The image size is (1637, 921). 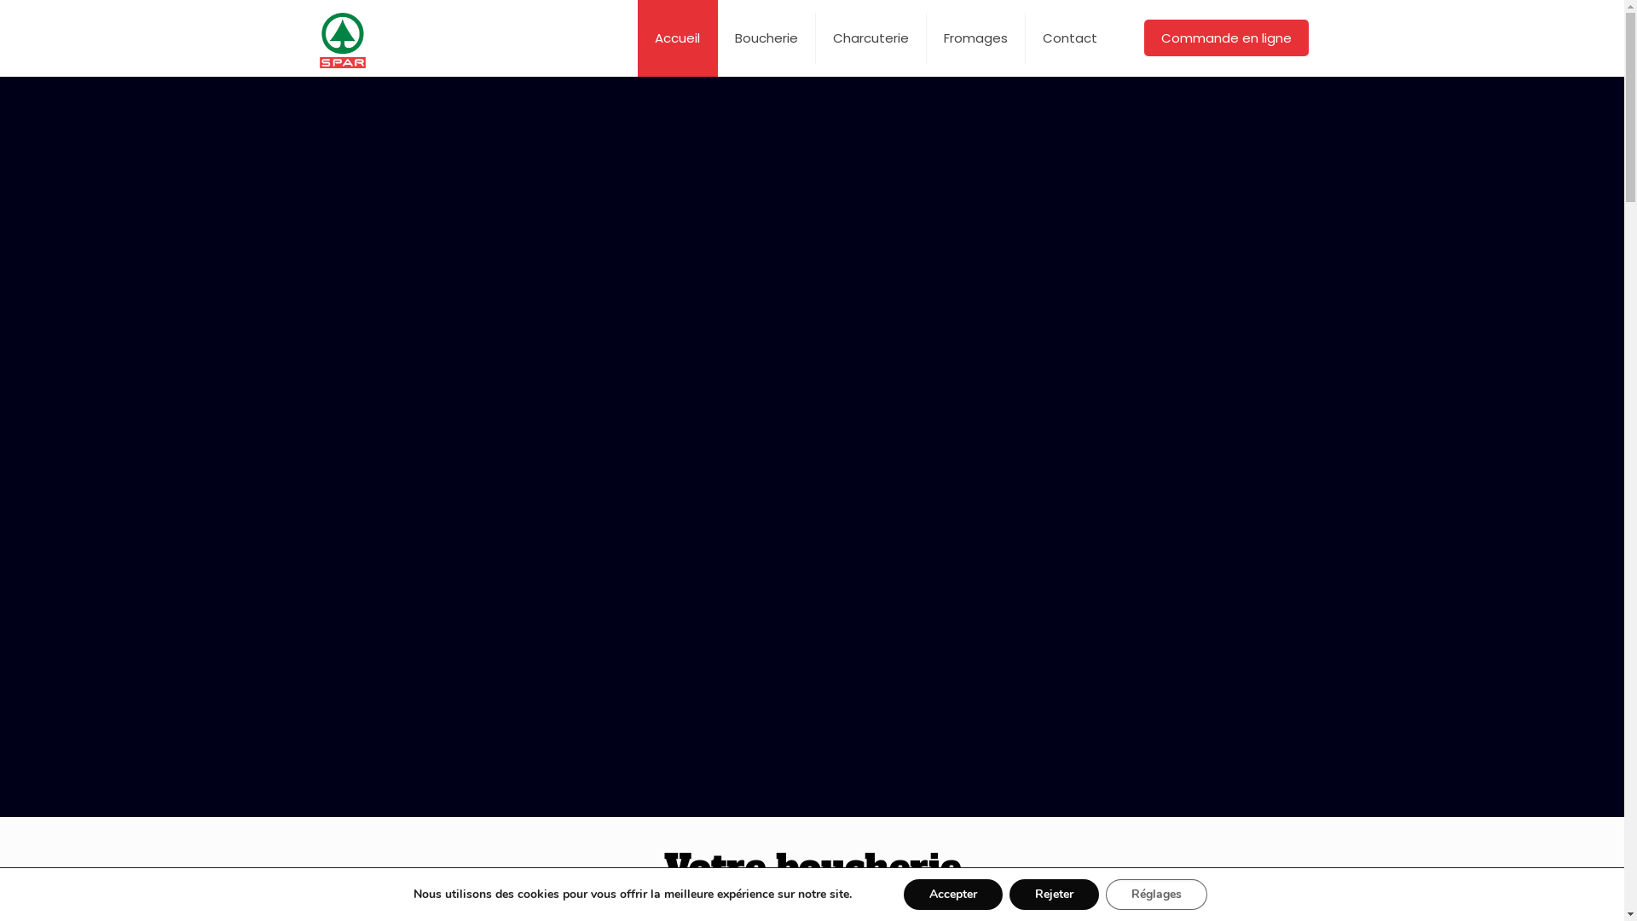 I want to click on 'Commande en ligne', so click(x=1225, y=38).